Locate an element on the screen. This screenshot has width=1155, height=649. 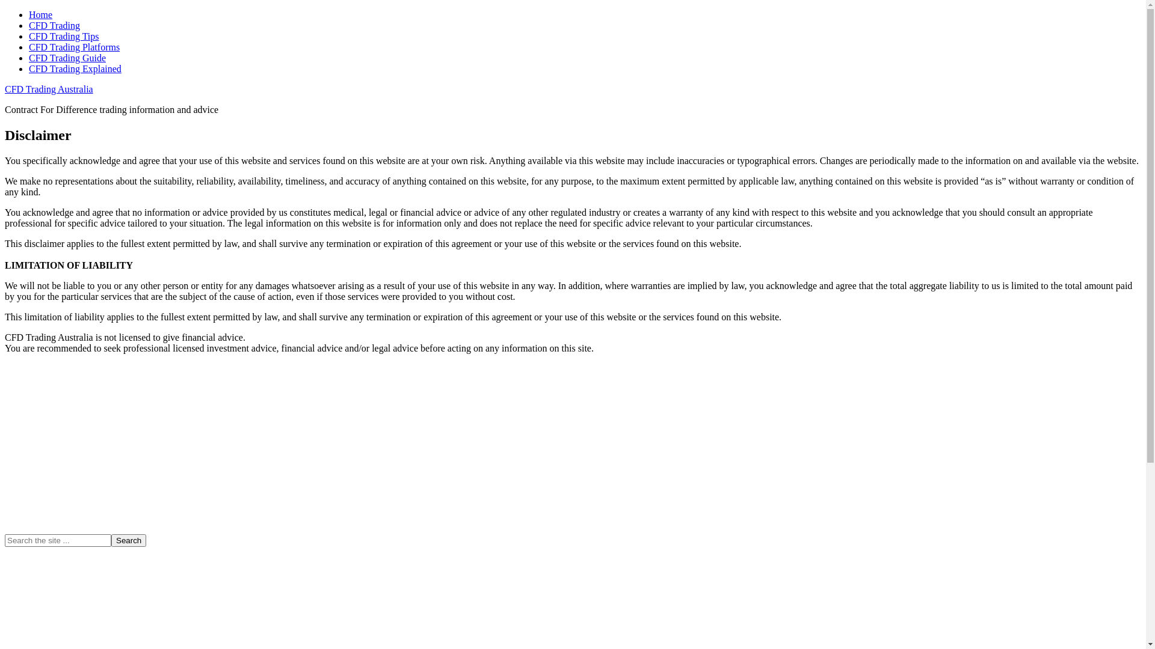
'Search' is located at coordinates (111, 540).